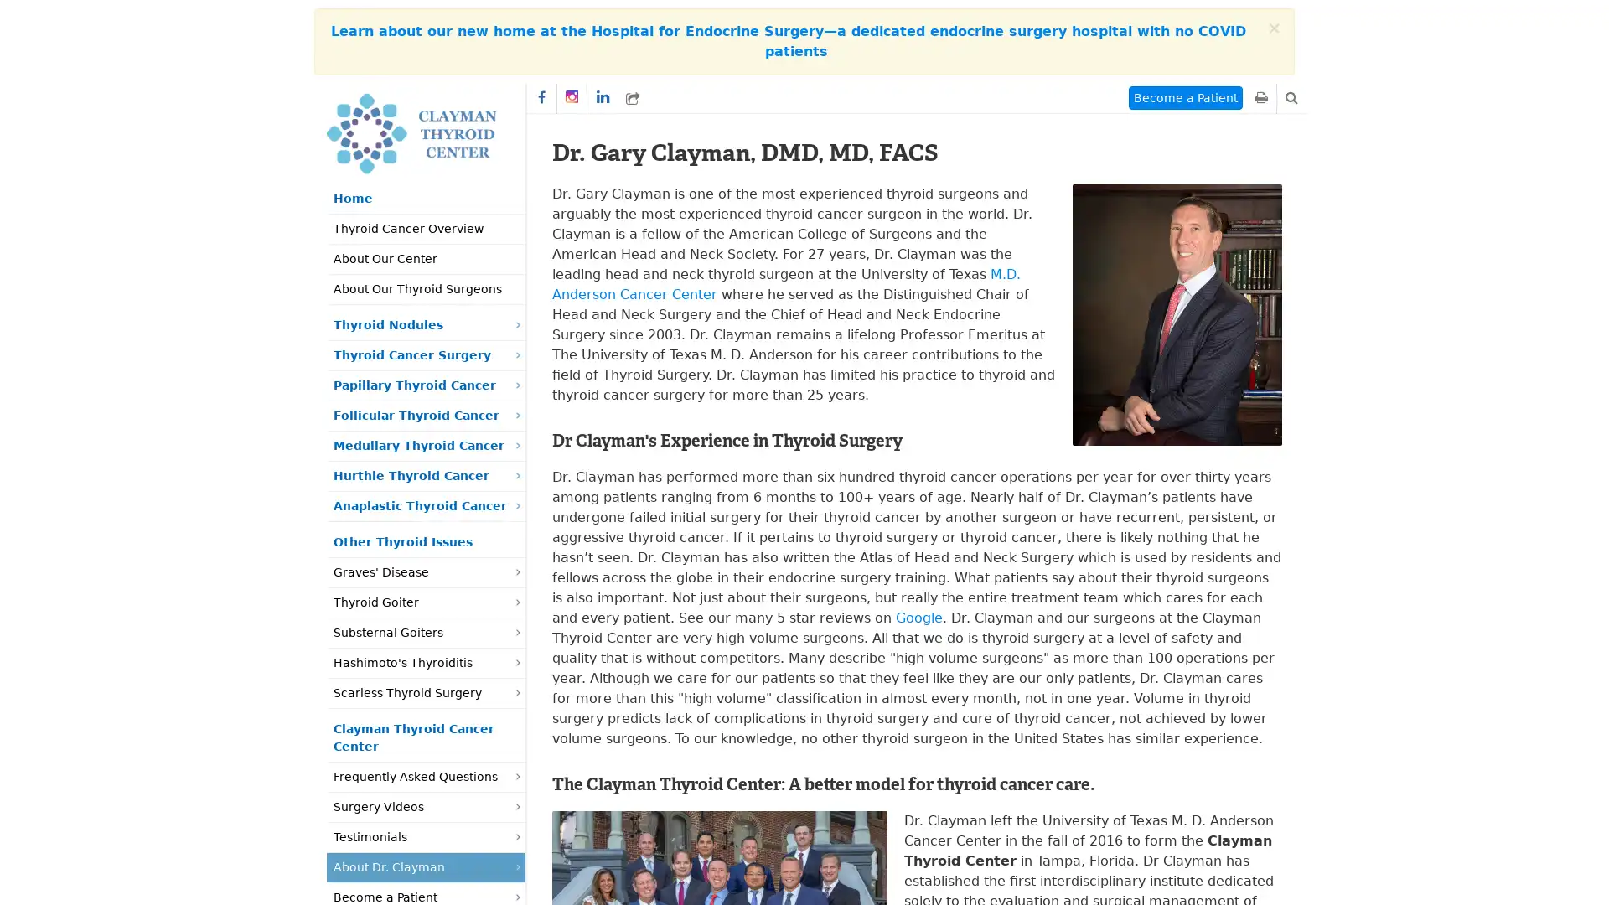 This screenshot has width=1609, height=905. What do you see at coordinates (1274, 28) in the screenshot?
I see `Close` at bounding box center [1274, 28].